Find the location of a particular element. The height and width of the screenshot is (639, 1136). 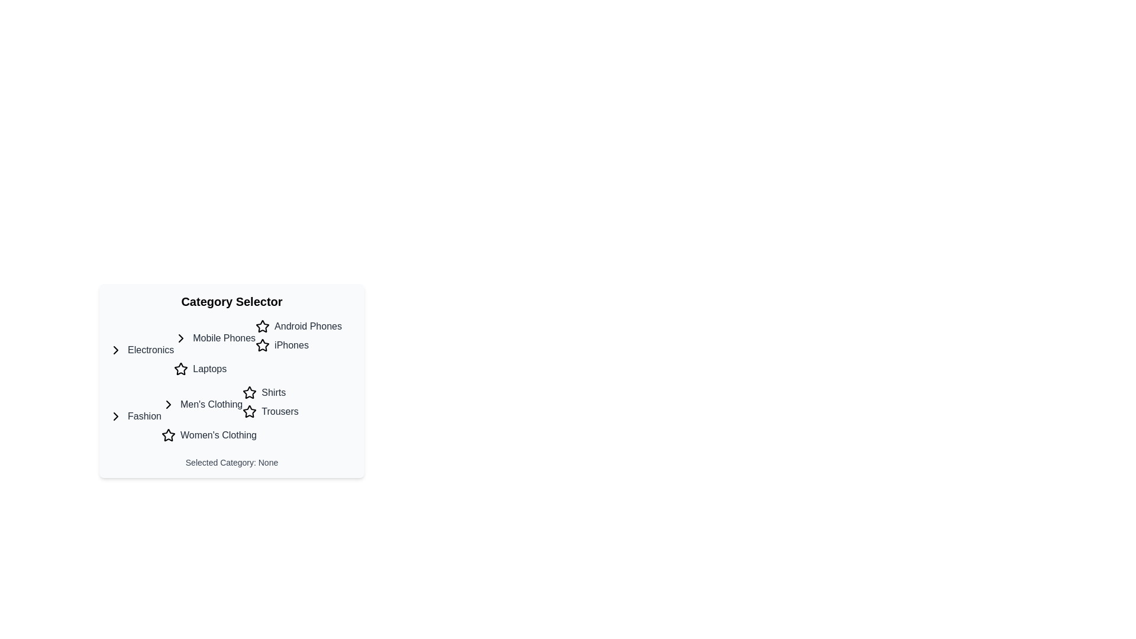

the Chevron icon located to the left of the 'Electronics' text in the 'Category Selector' section is located at coordinates (116, 349).